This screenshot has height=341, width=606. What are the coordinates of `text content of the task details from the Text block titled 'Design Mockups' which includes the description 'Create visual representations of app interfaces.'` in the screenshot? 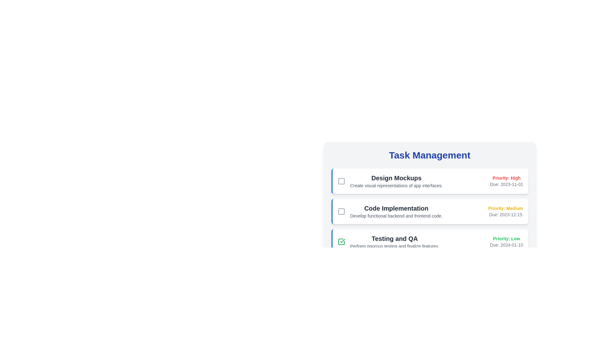 It's located at (396, 181).